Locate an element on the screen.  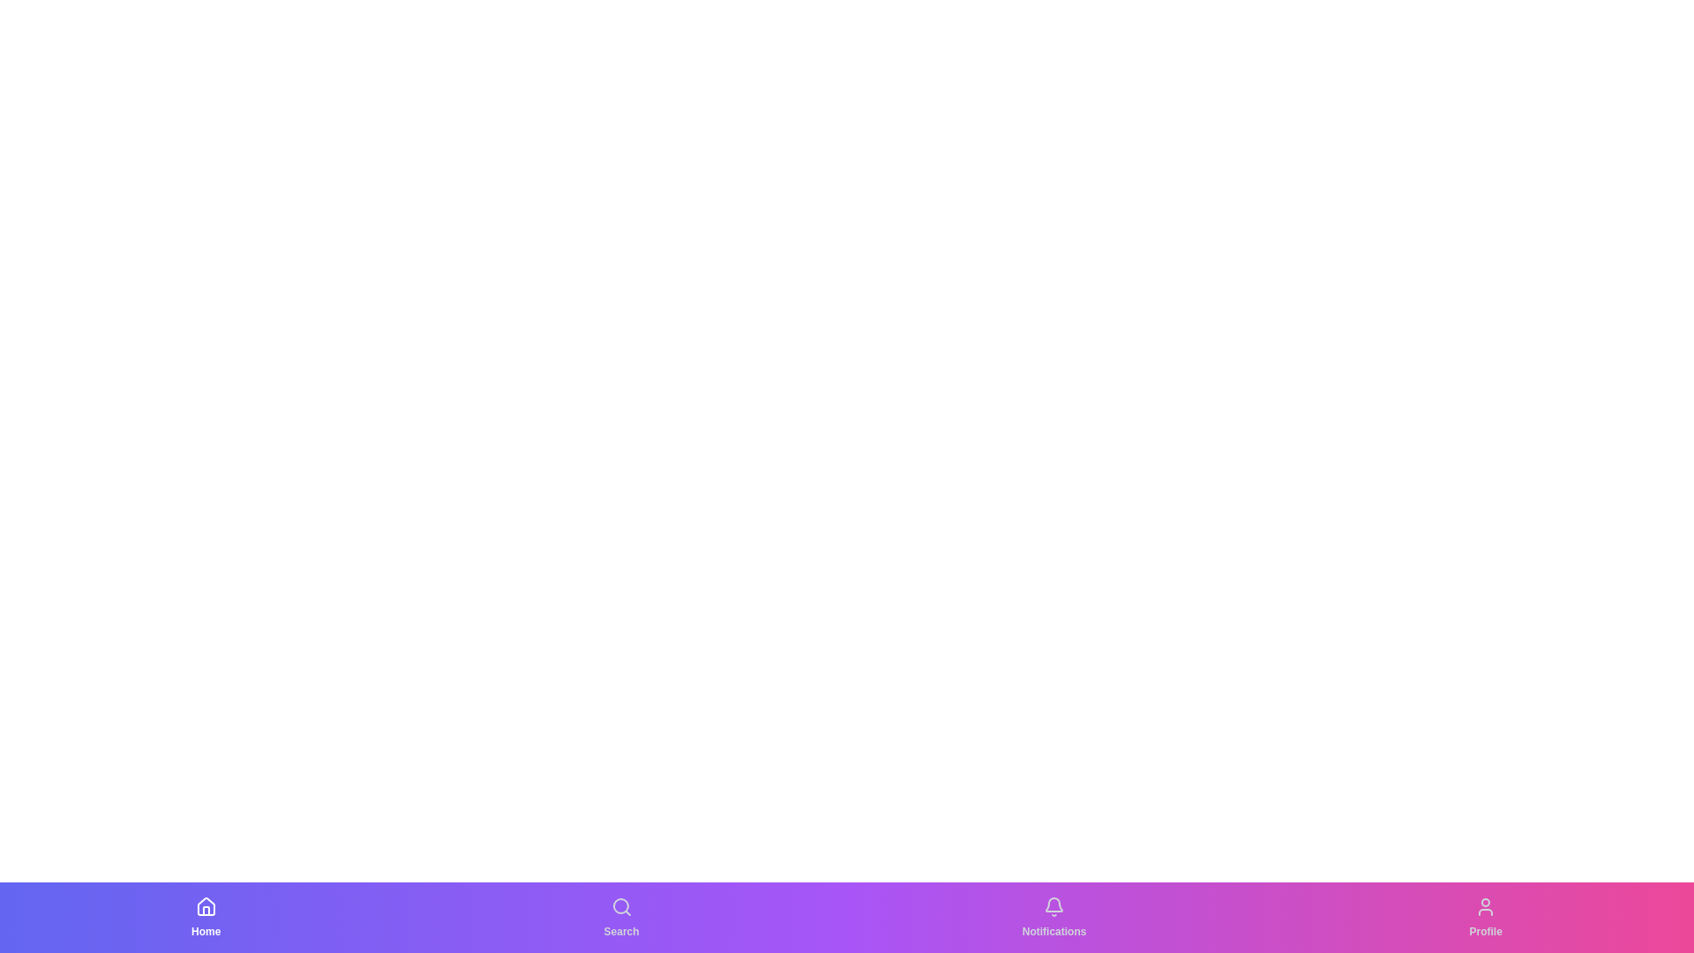
the tab labeled Notifications to view its tooltip is located at coordinates (1054, 917).